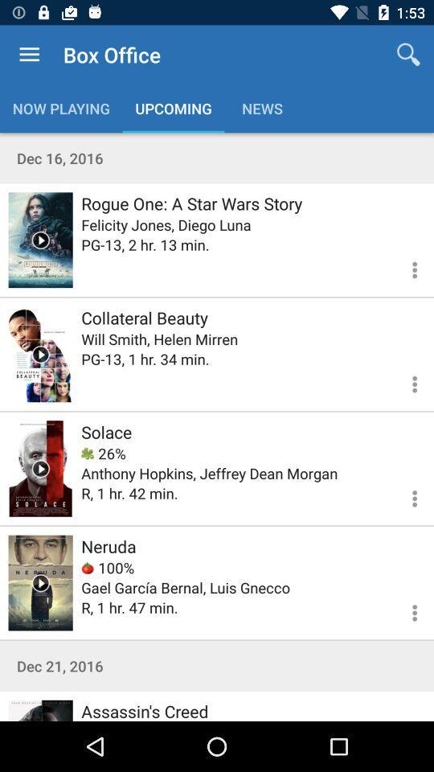 The width and height of the screenshot is (434, 772). Describe the element at coordinates (40, 468) in the screenshot. I see `solace movie` at that location.